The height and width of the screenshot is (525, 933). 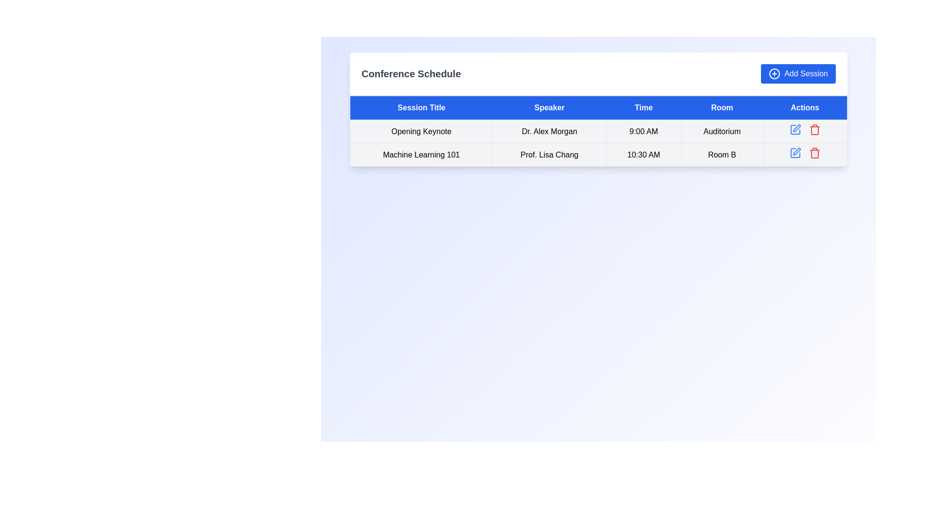 I want to click on the text label displaying '9:00 AM' which is styled with a gray border and is located in the third cell of the schedule table under the 'Time' header, so click(x=643, y=131).